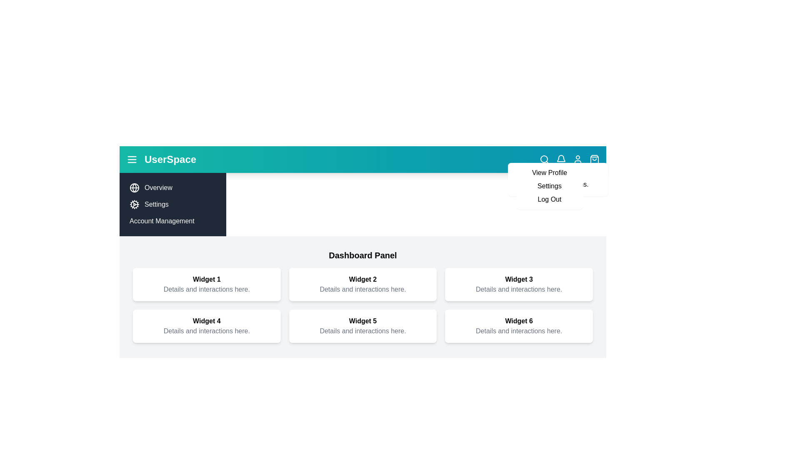  I want to click on the second item in the Sidebar navigation menu, which is located between 'Overview' and 'Account Management', so click(172, 204).